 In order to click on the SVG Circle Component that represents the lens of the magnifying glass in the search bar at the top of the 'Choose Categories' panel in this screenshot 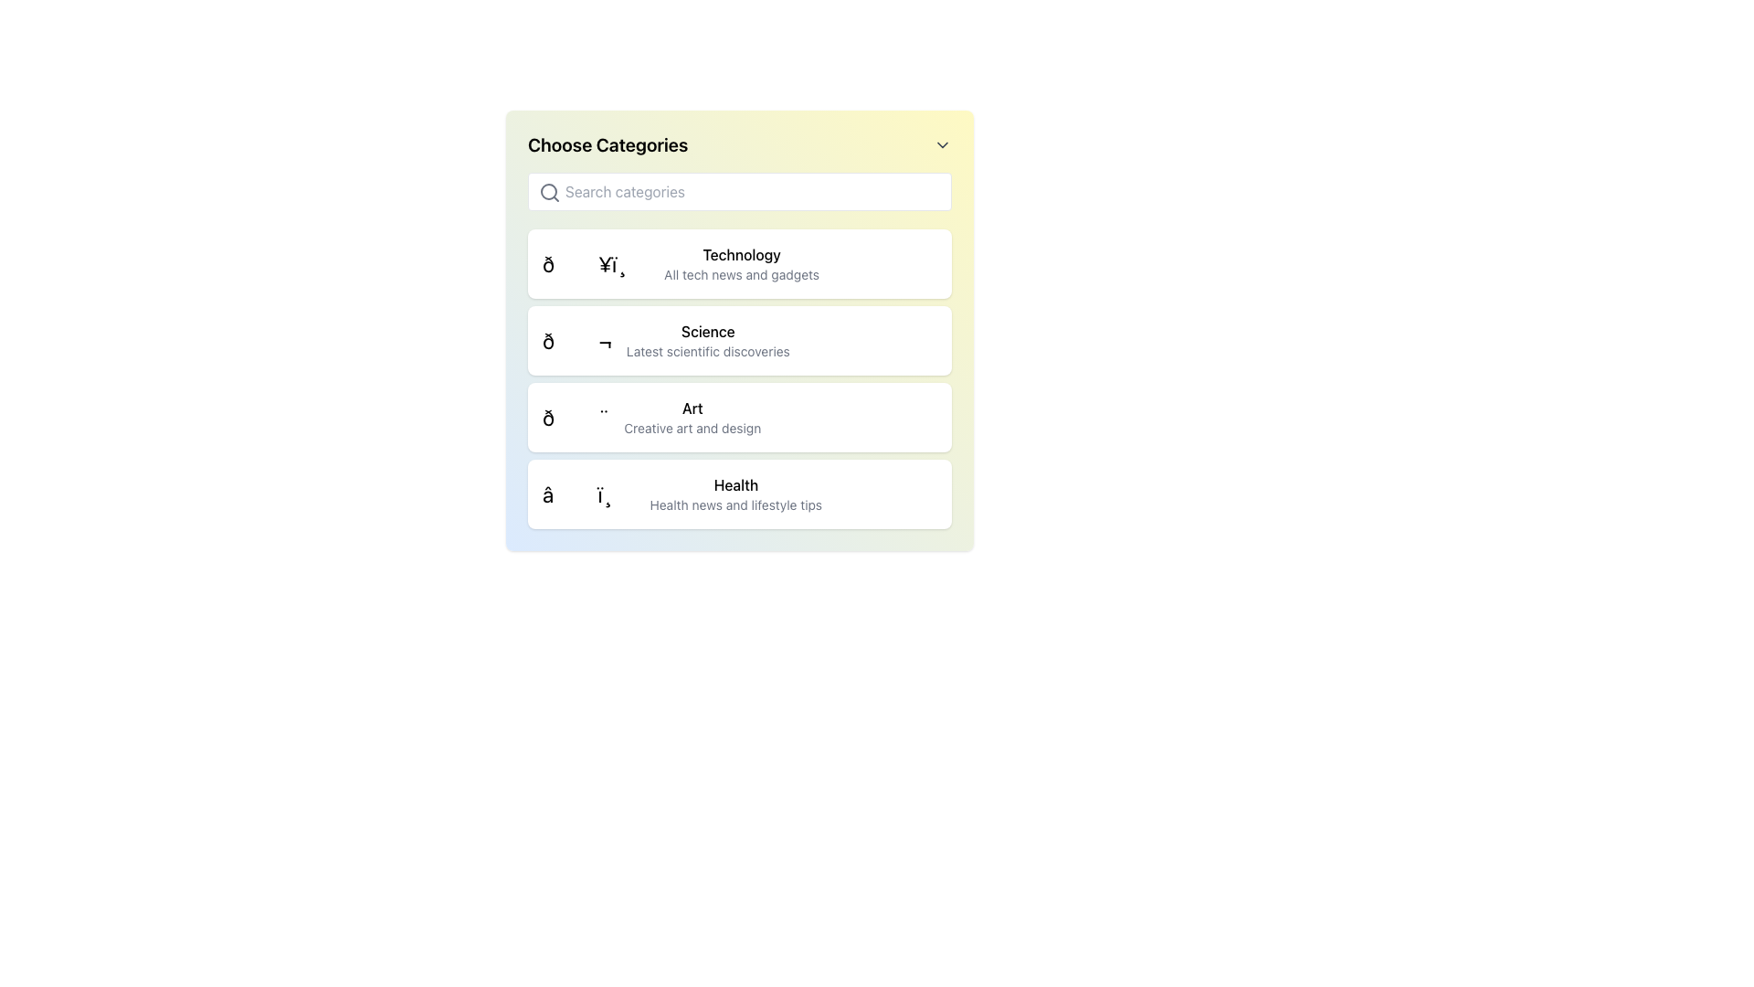, I will do `click(547, 191)`.